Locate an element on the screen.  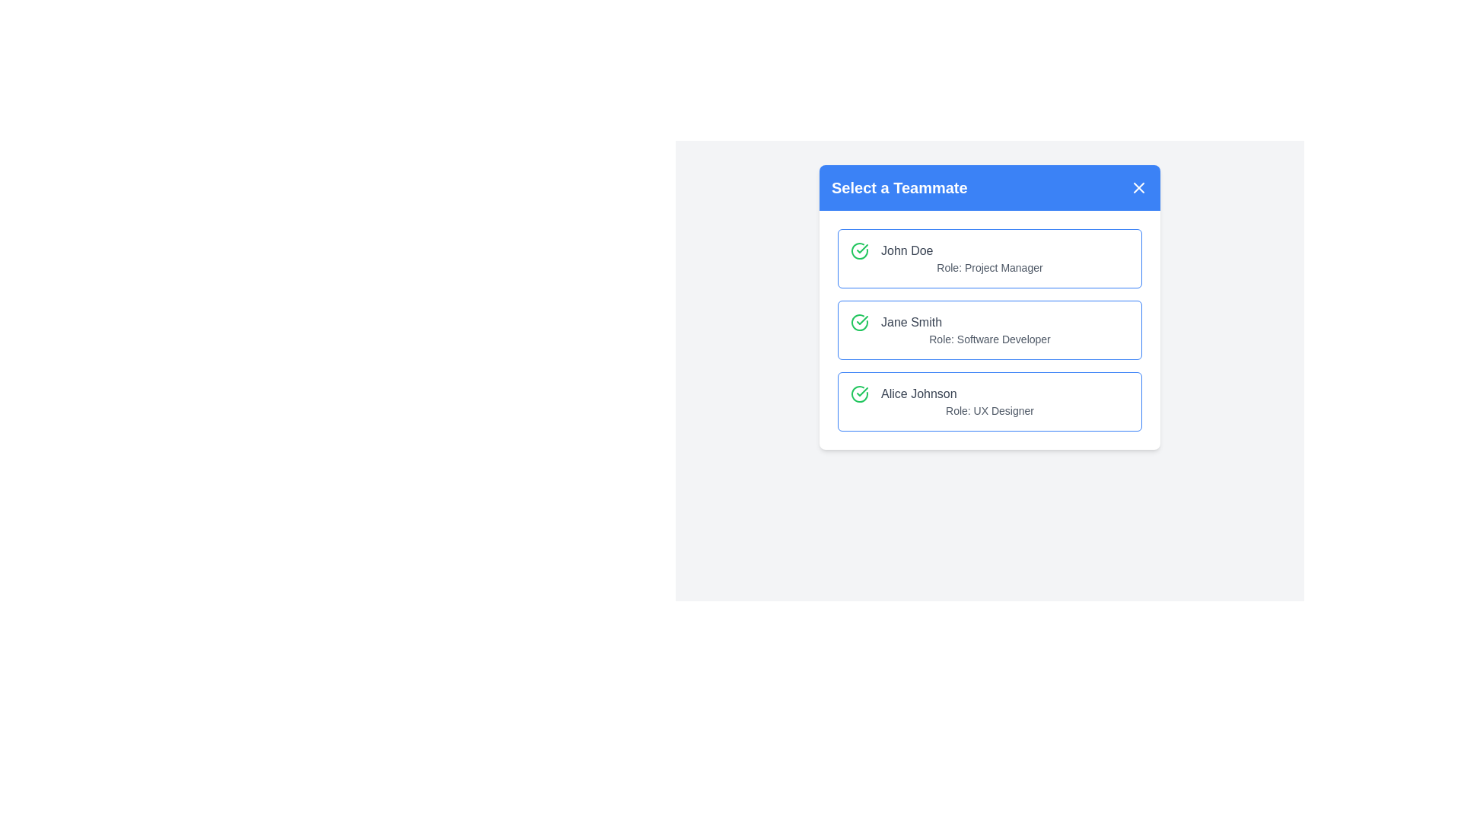
the row corresponding to Jane Smith to read their role information is located at coordinates (989, 330).